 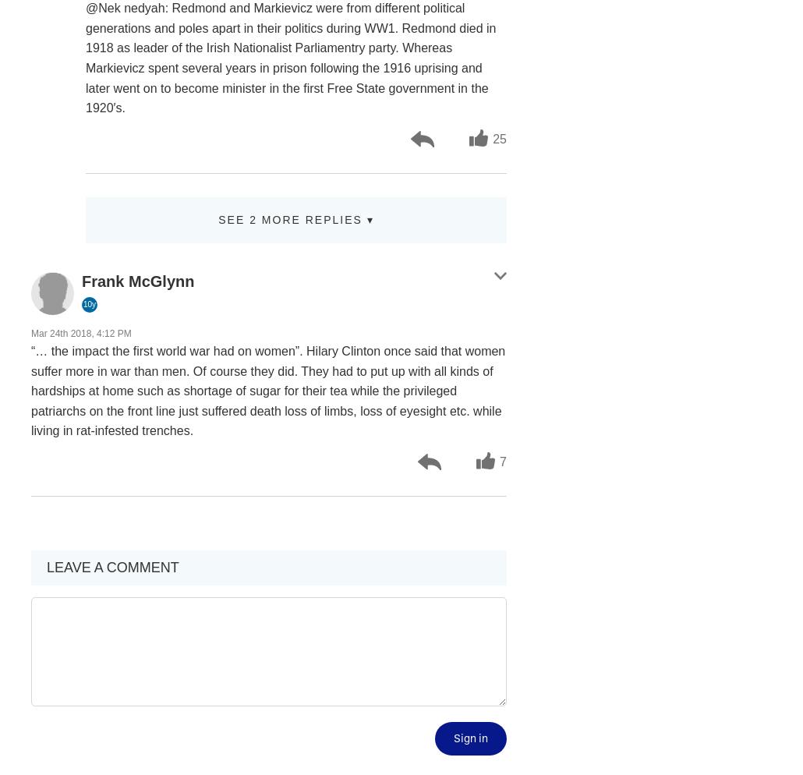 What do you see at coordinates (295, 218) in the screenshot?
I see `'See 2 more replies   ▾'` at bounding box center [295, 218].